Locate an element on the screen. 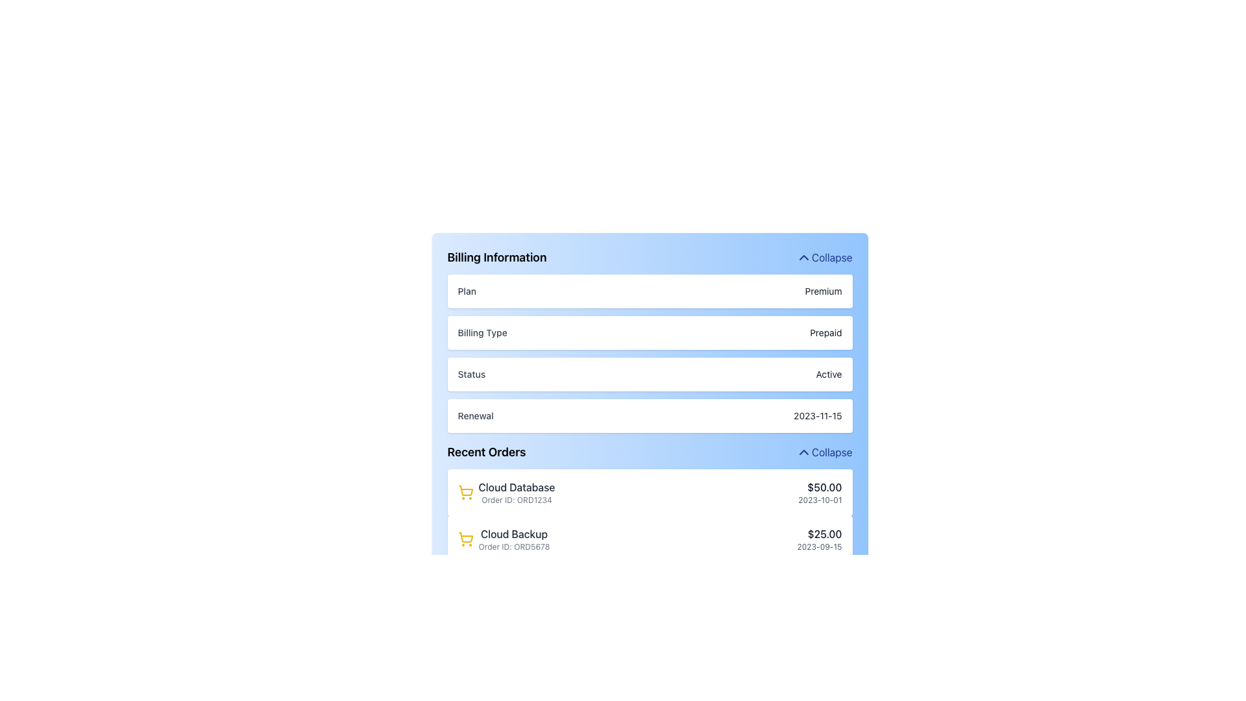  the small text label displaying 'Order ID: ORD1234' in a gray font, which is located beneath the 'Cloud Database' title in the 'Recent Orders' section is located at coordinates (516, 500).